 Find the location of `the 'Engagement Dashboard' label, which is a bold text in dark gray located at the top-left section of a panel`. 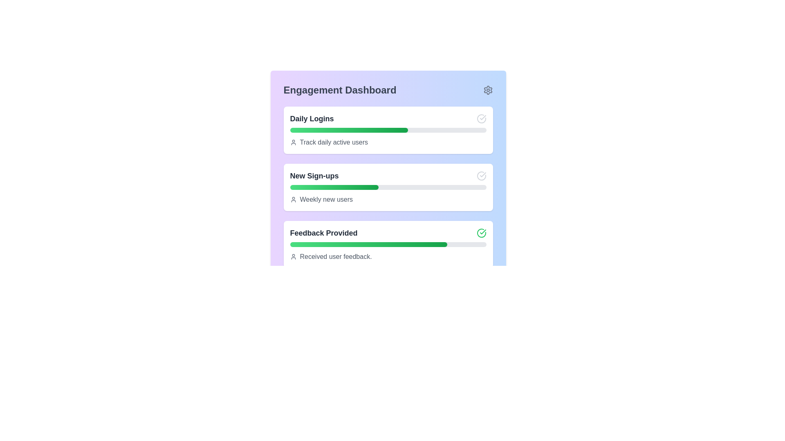

the 'Engagement Dashboard' label, which is a bold text in dark gray located at the top-left section of a panel is located at coordinates (340, 90).